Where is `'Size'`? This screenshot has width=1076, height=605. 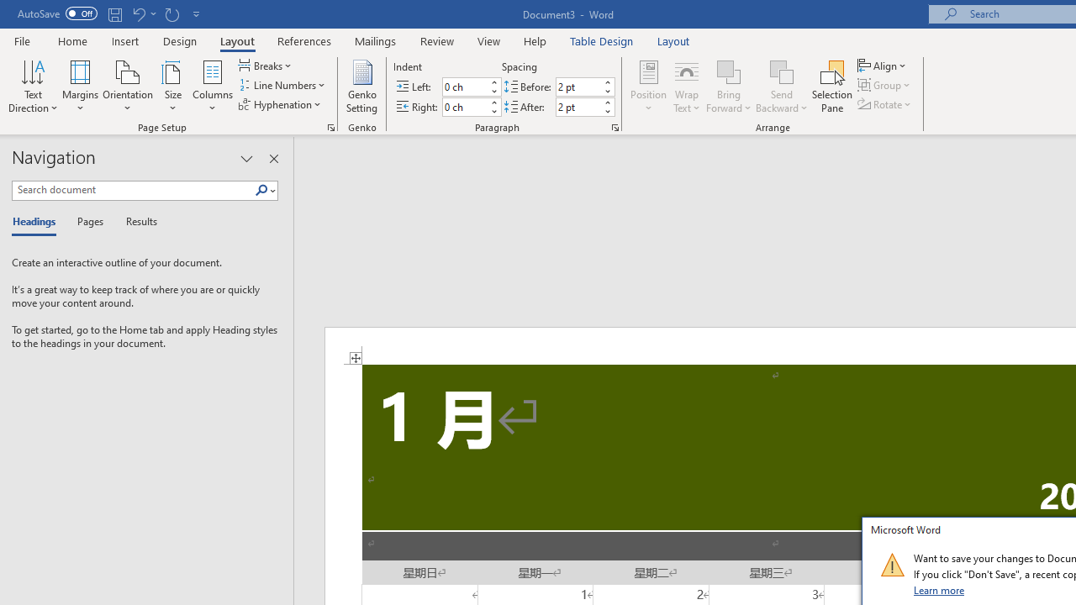 'Size' is located at coordinates (173, 87).